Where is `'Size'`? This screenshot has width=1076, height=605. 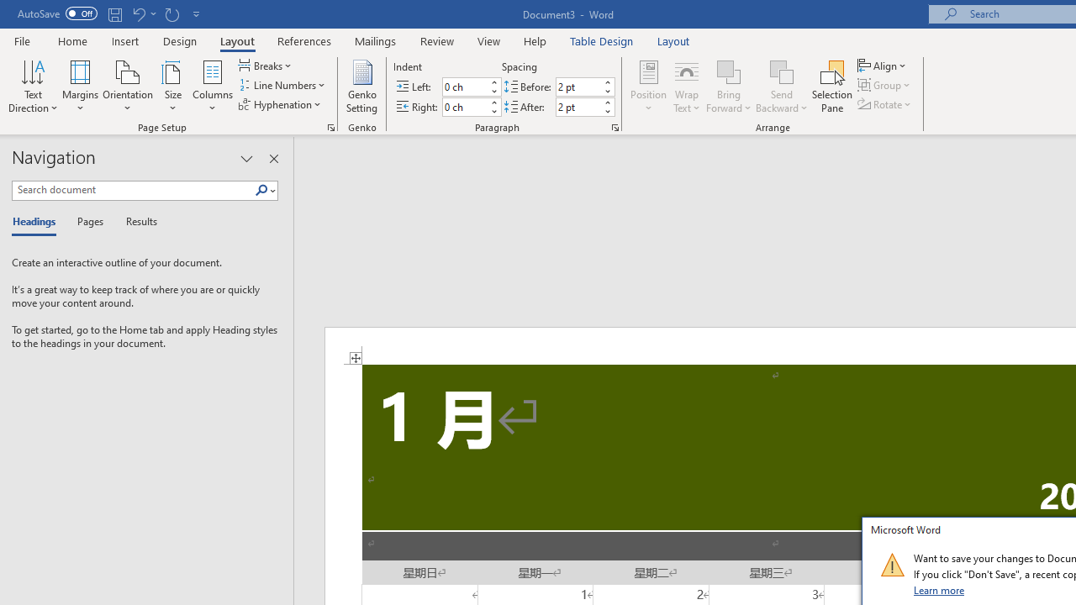 'Size' is located at coordinates (173, 87).